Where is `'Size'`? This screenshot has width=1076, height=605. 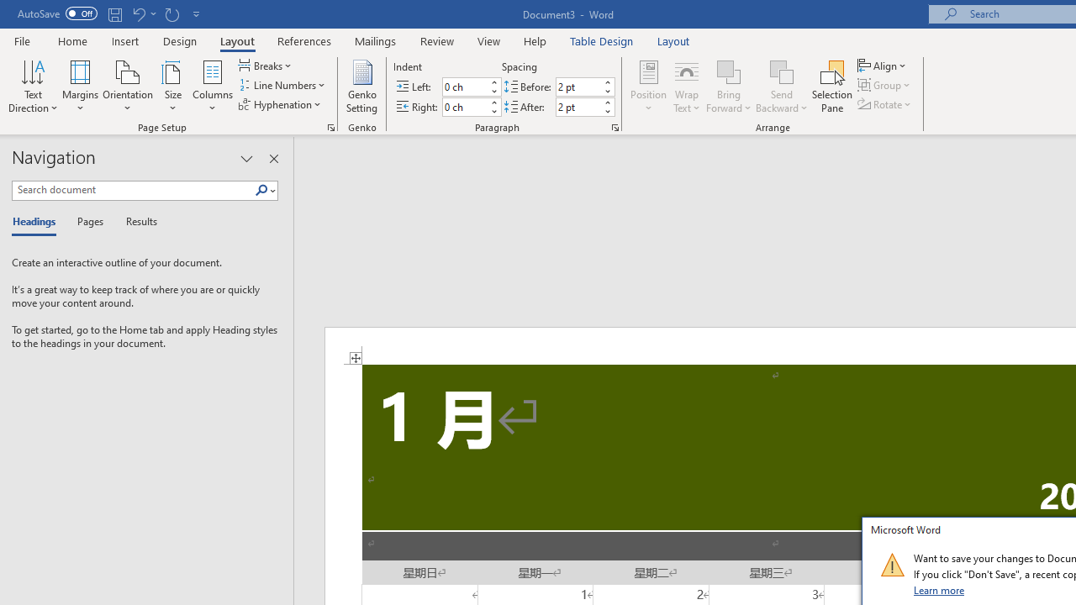 'Size' is located at coordinates (173, 87).